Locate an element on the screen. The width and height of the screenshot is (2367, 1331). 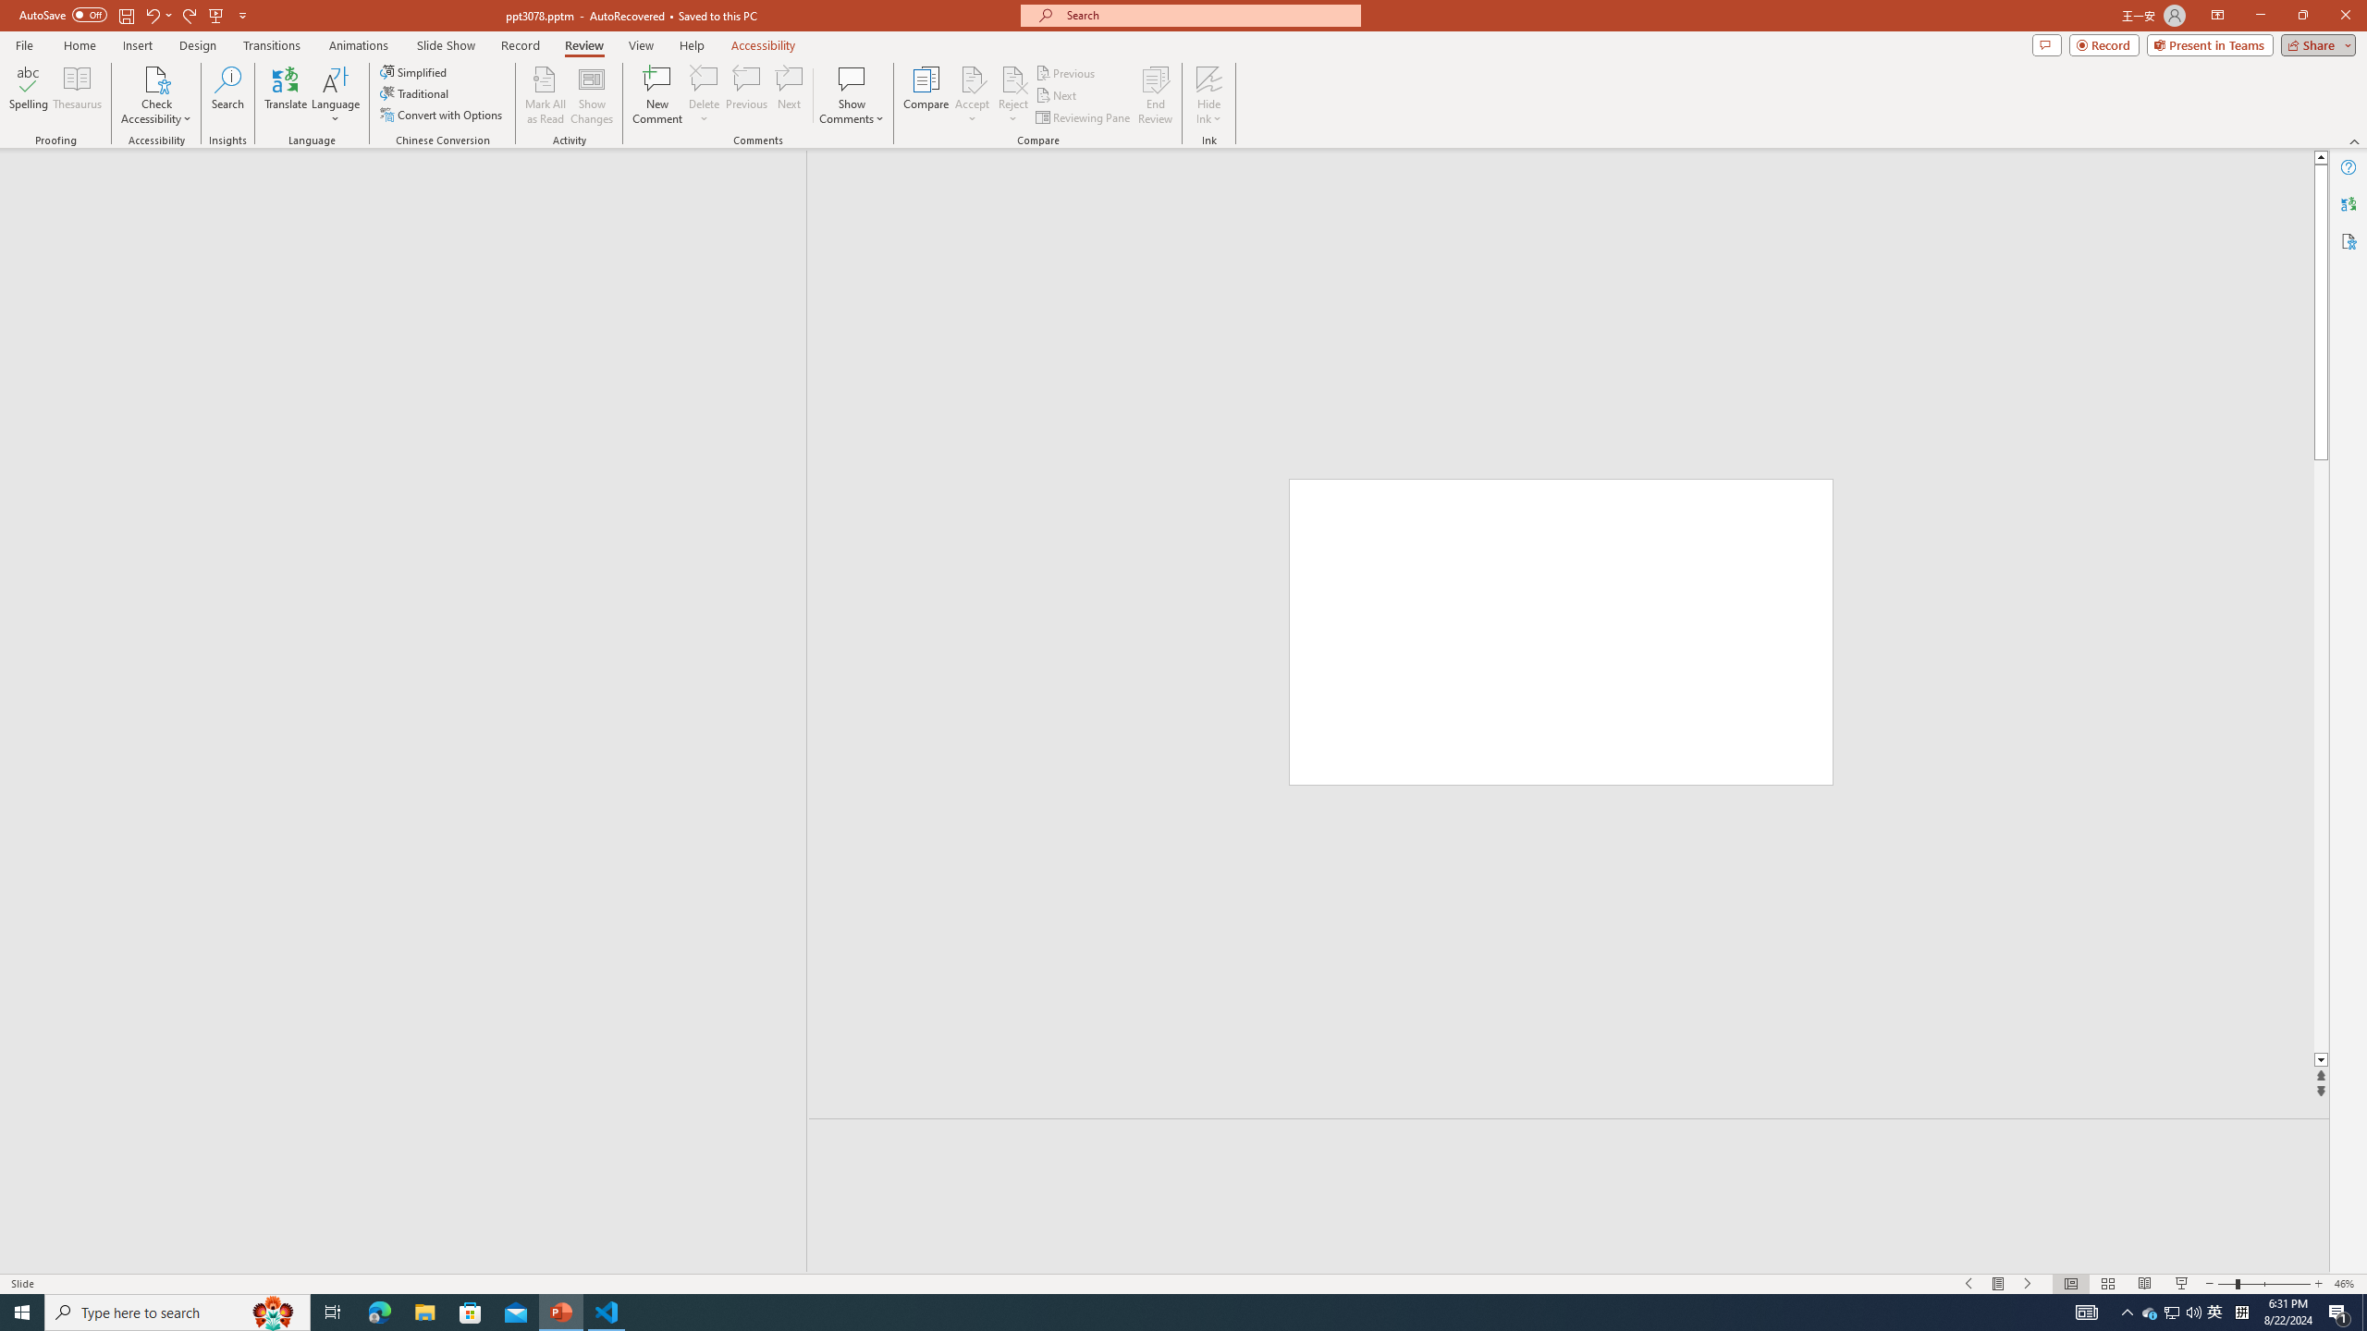
'Simplified' is located at coordinates (414, 71).